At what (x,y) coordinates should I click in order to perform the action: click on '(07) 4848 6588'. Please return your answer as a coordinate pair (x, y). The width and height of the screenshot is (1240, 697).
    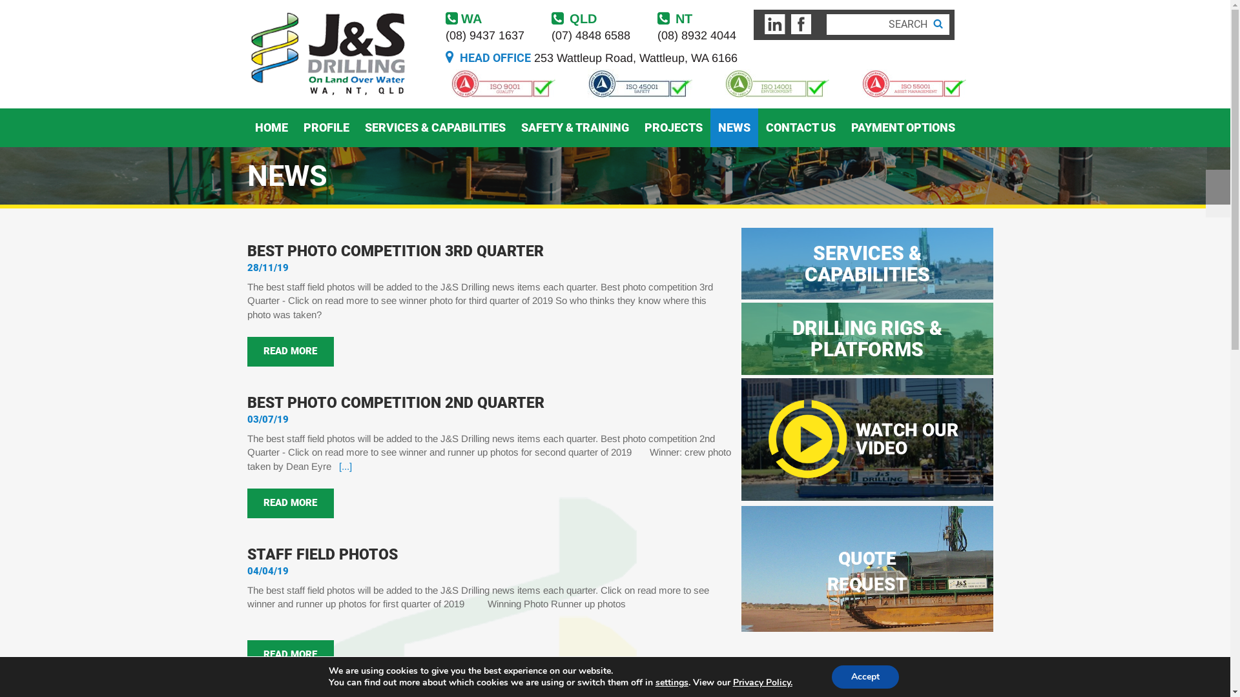
    Looking at the image, I should click on (594, 34).